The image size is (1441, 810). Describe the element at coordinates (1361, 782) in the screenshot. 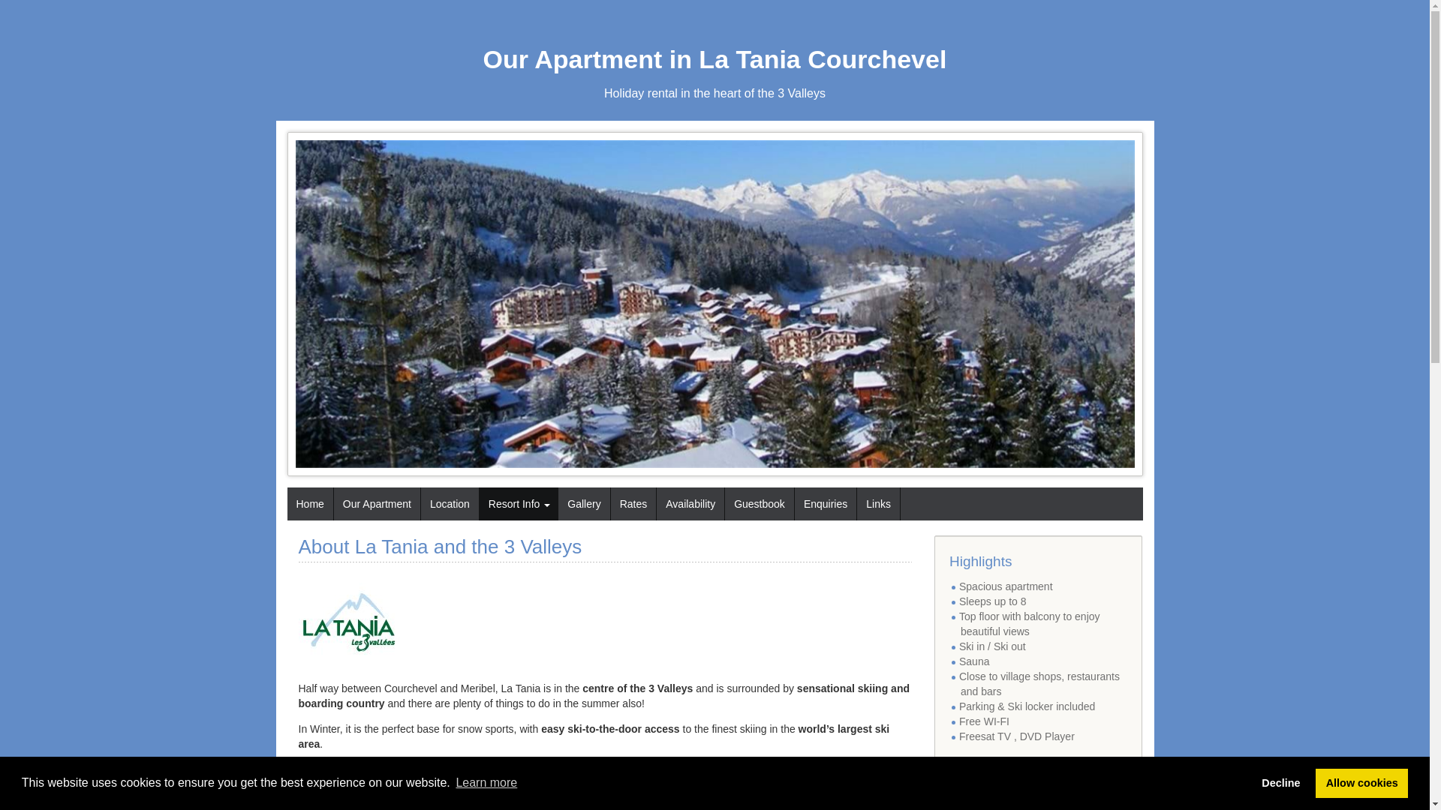

I see `'Allow cookies'` at that location.